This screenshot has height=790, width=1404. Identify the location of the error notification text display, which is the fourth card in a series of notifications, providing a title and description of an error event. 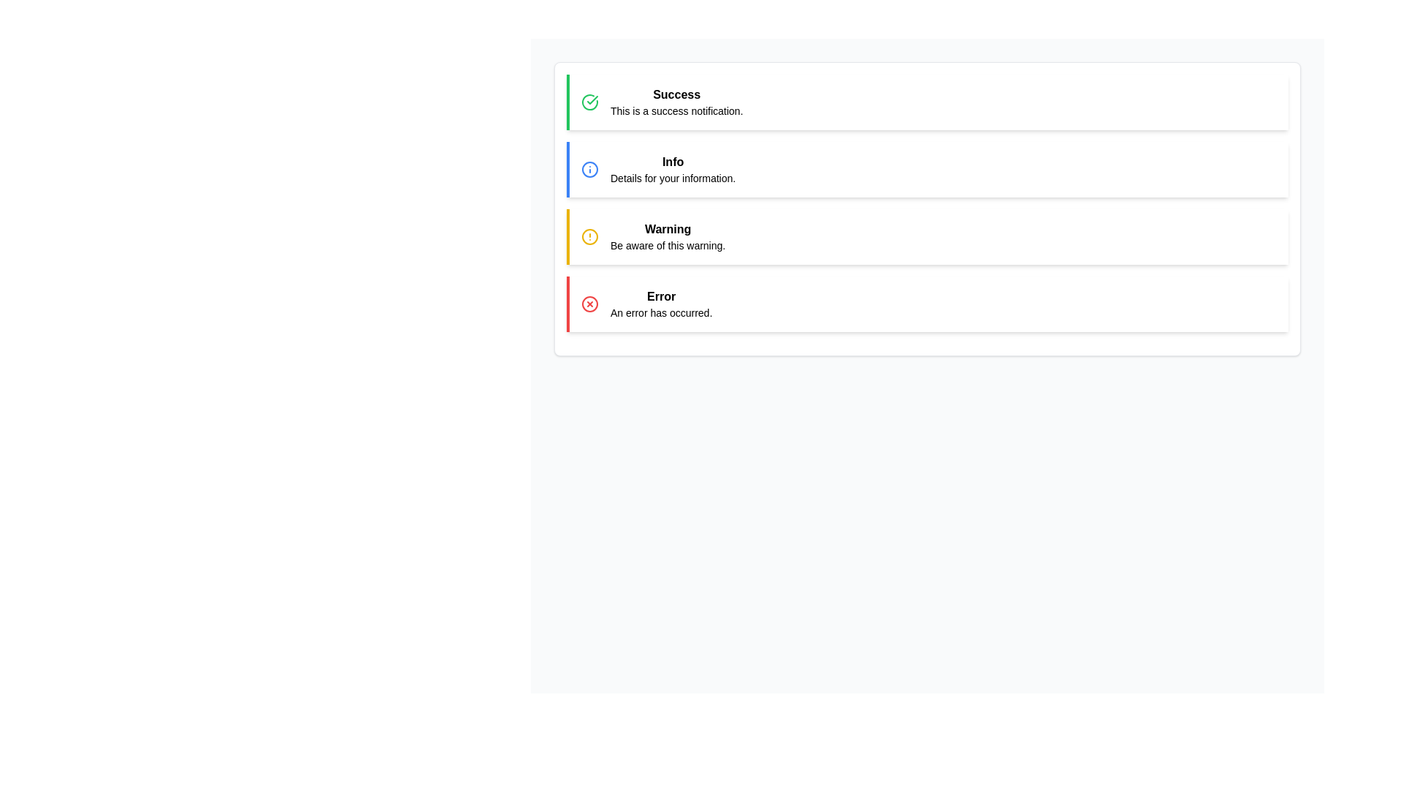
(660, 304).